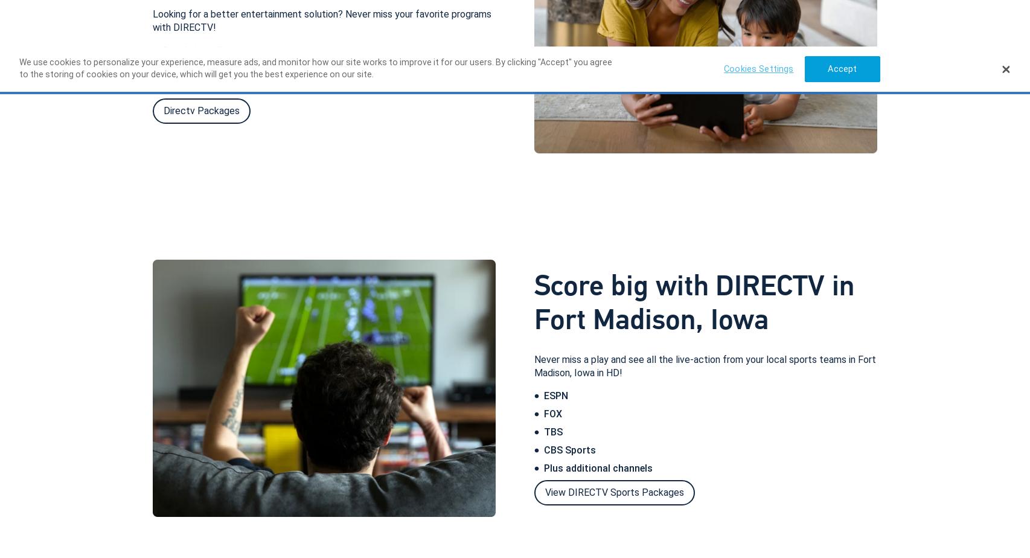  I want to click on 'Diverse programming catalog', so click(229, 68).